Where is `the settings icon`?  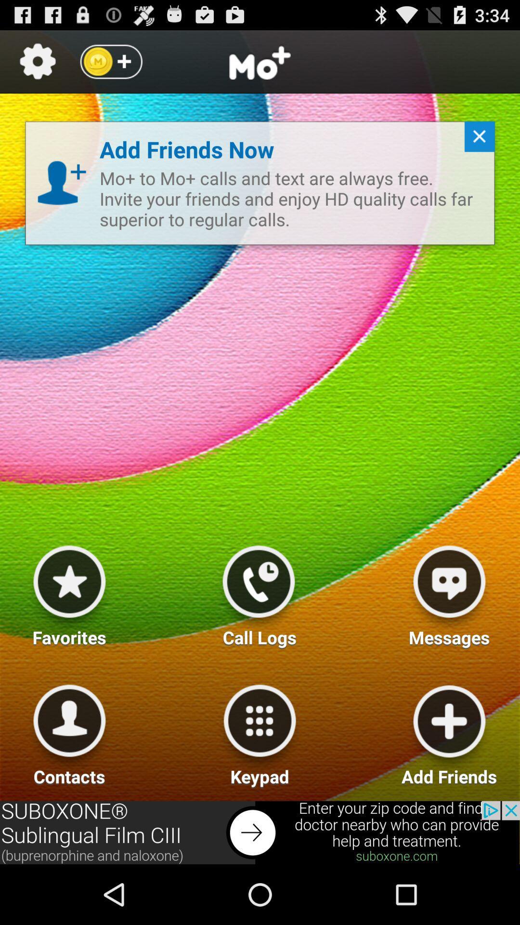
the settings icon is located at coordinates (37, 66).